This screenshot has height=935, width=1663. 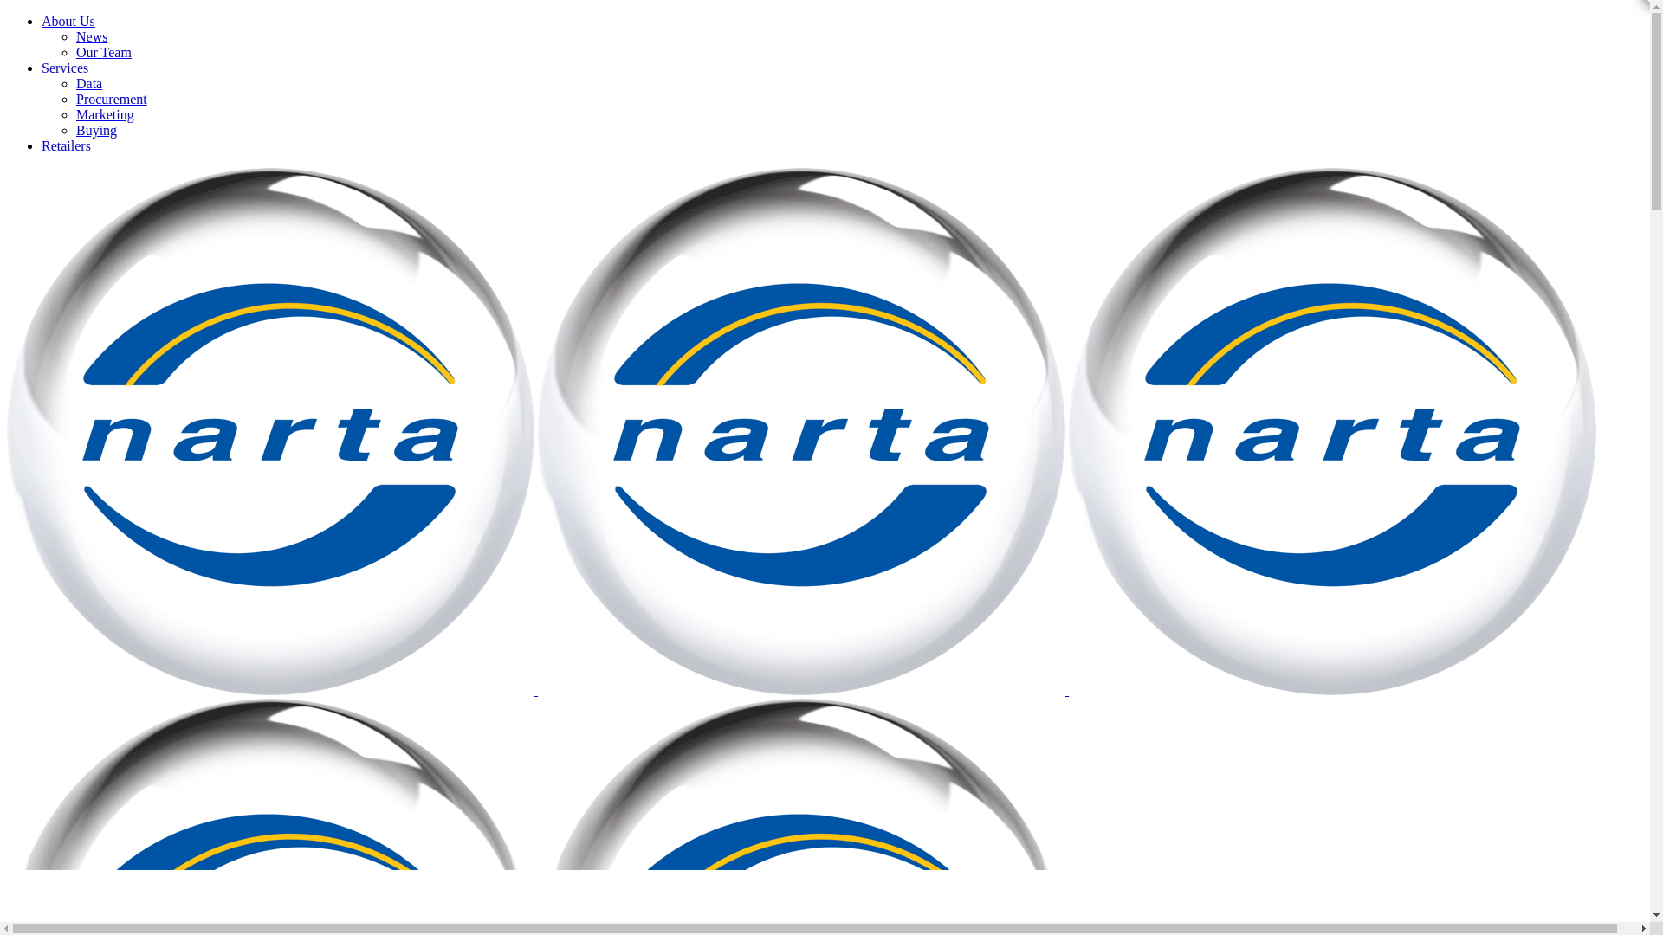 I want to click on 'Data', so click(x=87, y=83).